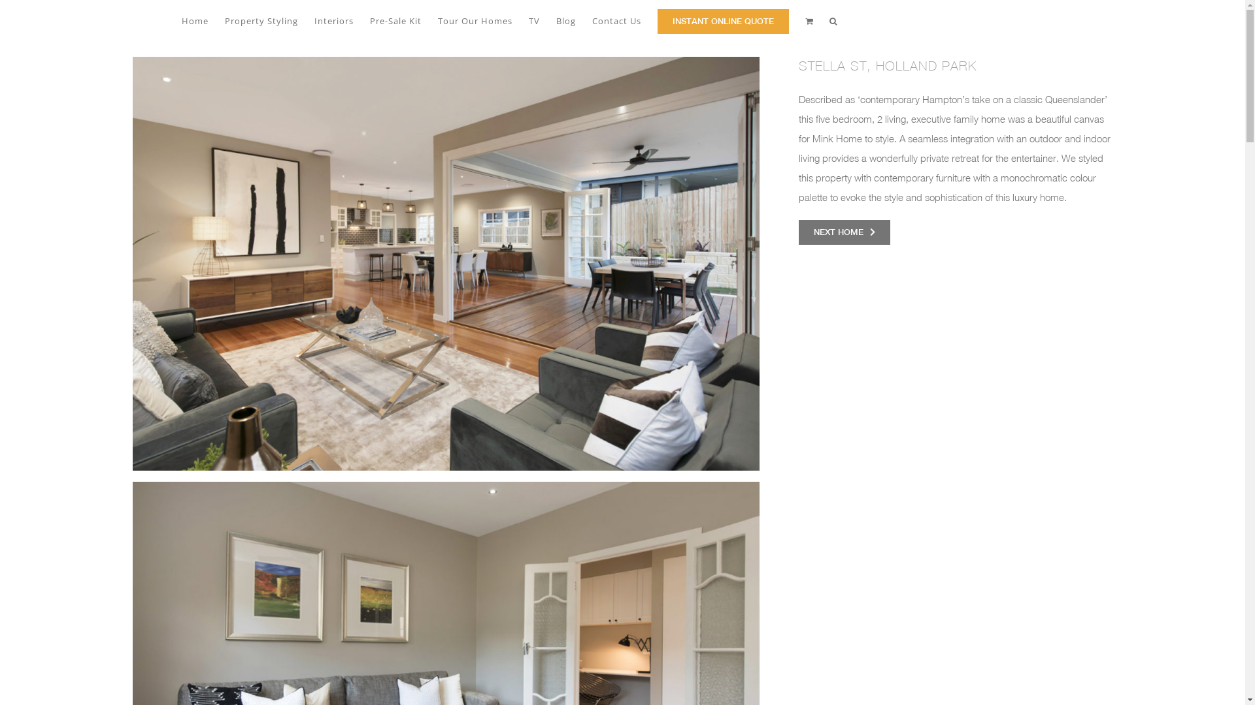  Describe the element at coordinates (445, 264) in the screenshot. I see `'REA Living and Dining'` at that location.